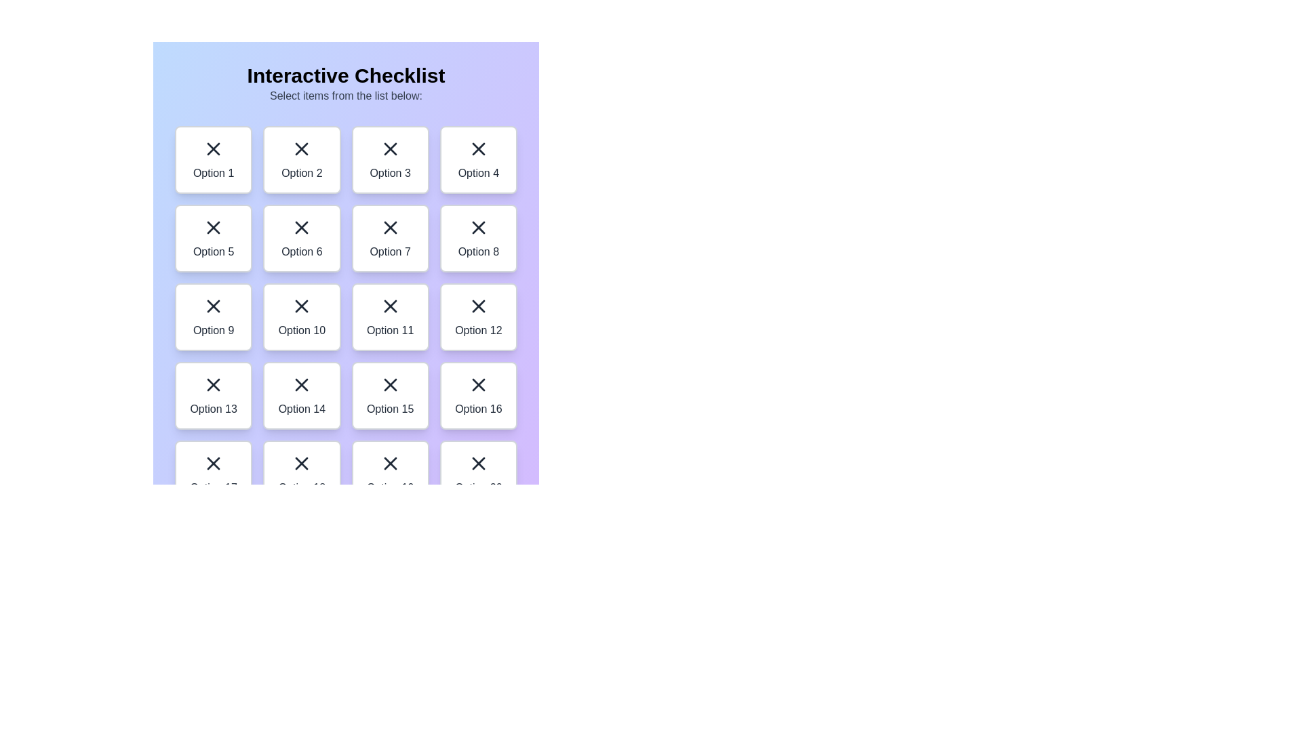 Image resolution: width=1302 pixels, height=732 pixels. I want to click on the header text of the Interactive Checklist, so click(346, 75).